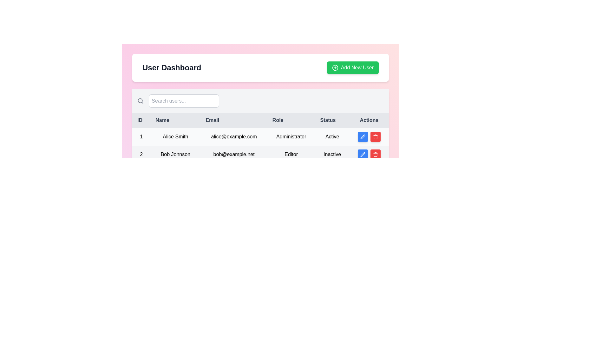  I want to click on the pencil icon in the 'Actions' column of the user management table next to 'Alice Smith', so click(363, 136).